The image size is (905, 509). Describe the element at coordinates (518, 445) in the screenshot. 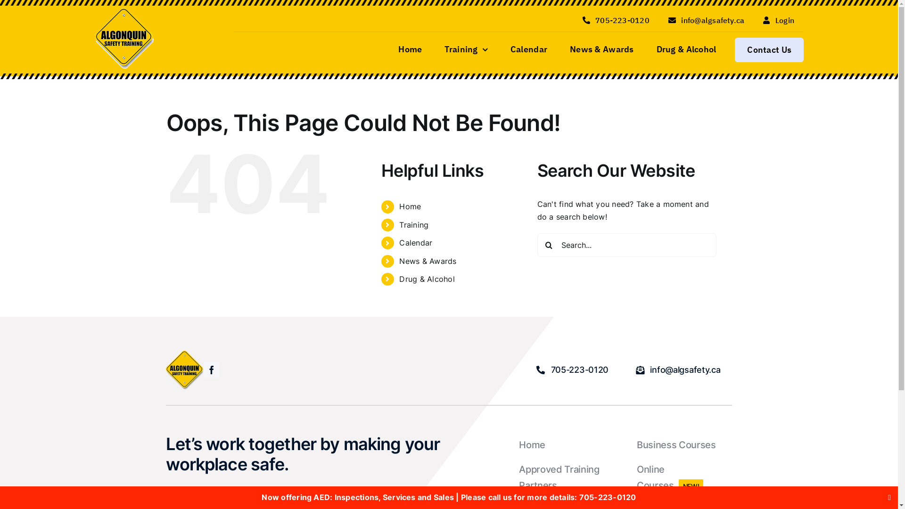

I see `'Home'` at that location.